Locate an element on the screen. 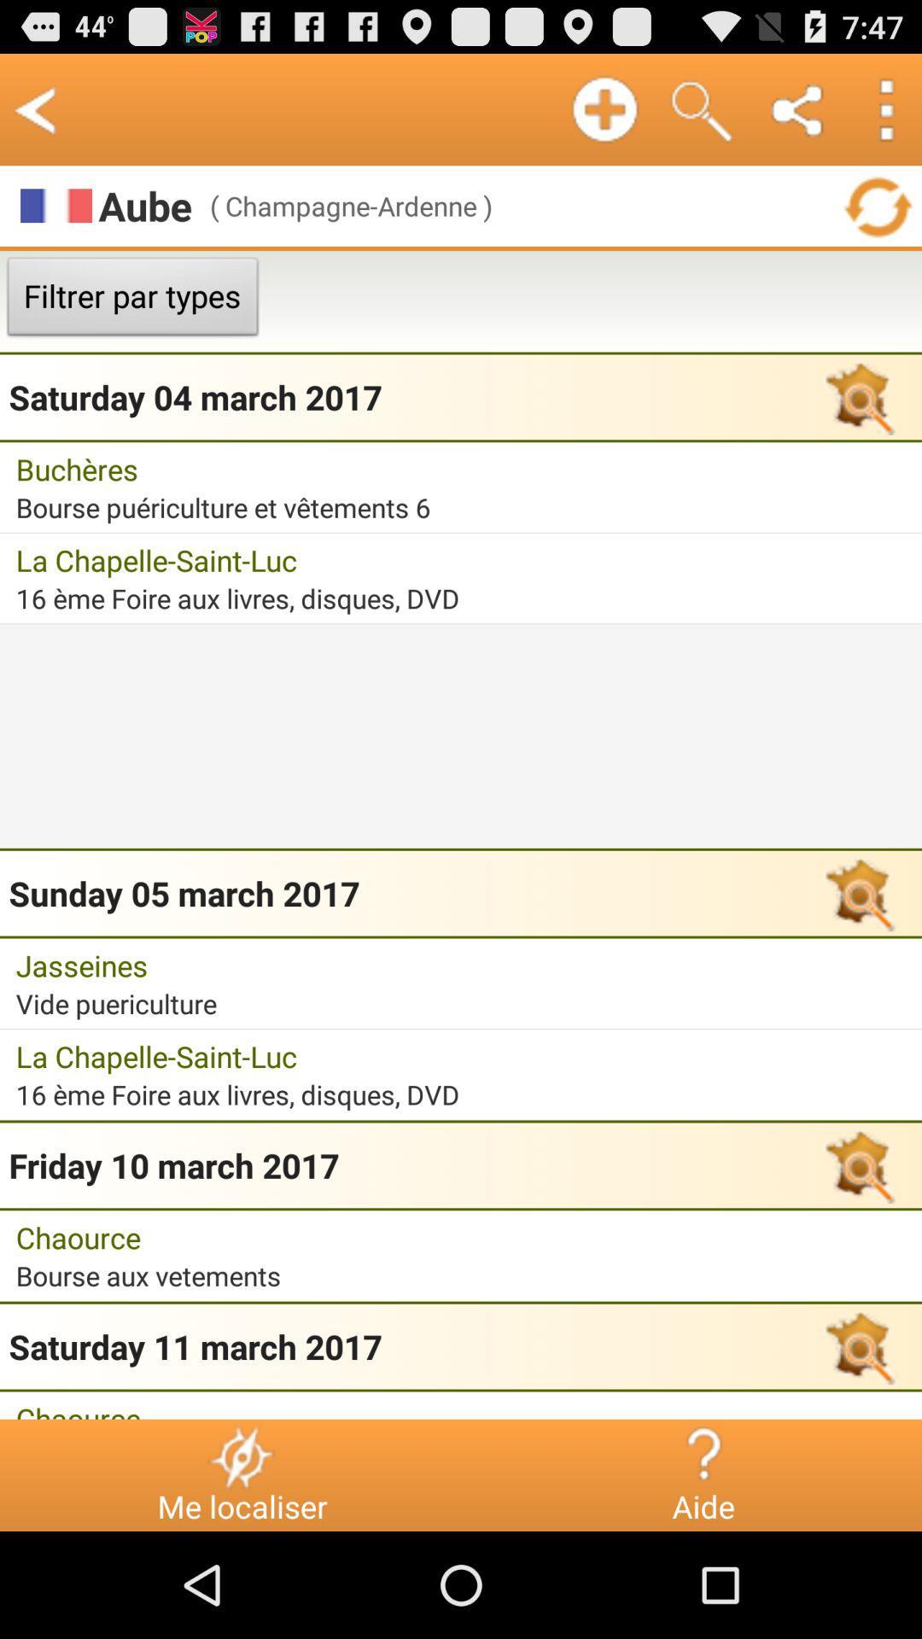 Image resolution: width=922 pixels, height=1639 pixels. the help icon is located at coordinates (703, 1559).